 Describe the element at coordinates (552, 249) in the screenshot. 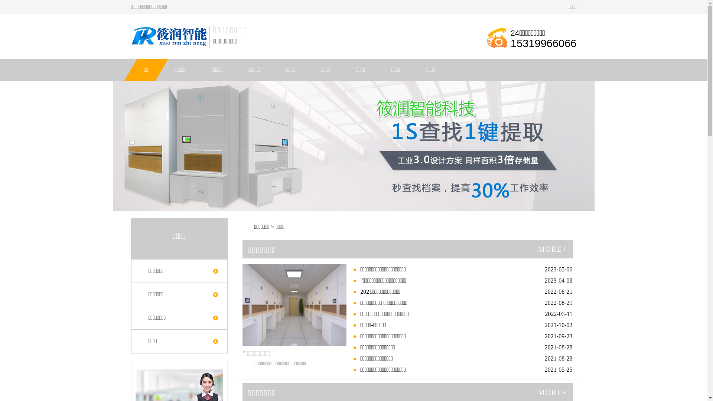

I see `'MORE+'` at that location.